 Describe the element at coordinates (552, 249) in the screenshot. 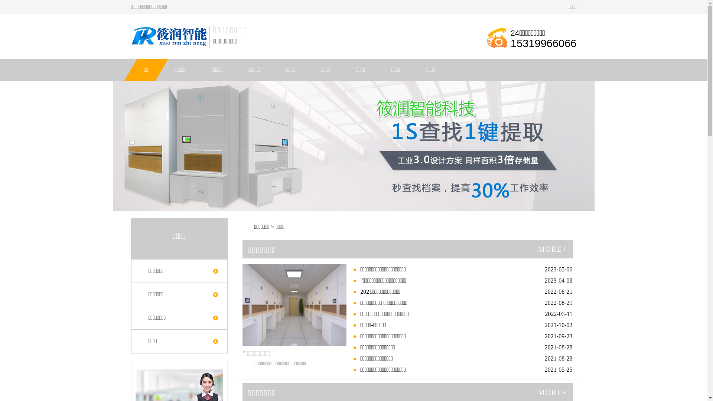

I see `'MORE+'` at that location.